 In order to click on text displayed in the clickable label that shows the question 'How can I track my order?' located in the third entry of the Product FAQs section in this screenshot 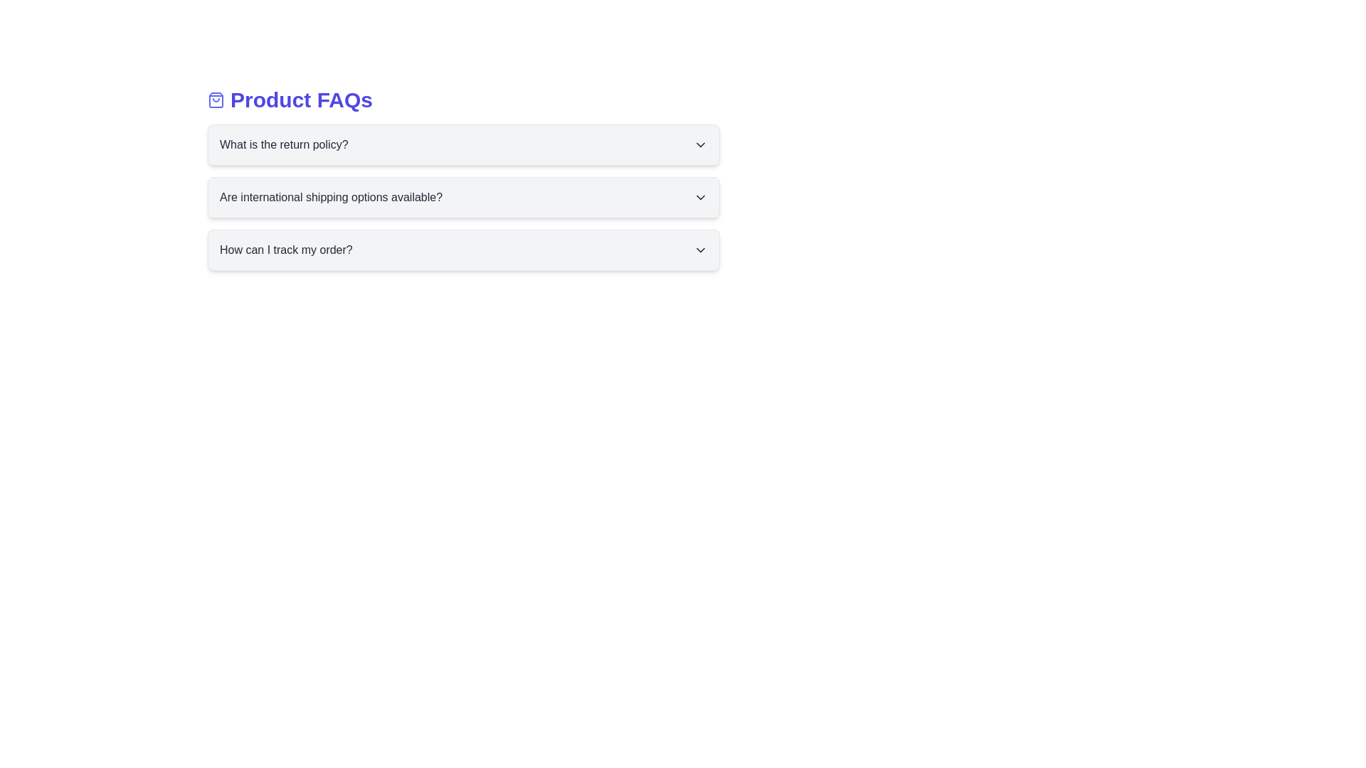, I will do `click(285, 249)`.